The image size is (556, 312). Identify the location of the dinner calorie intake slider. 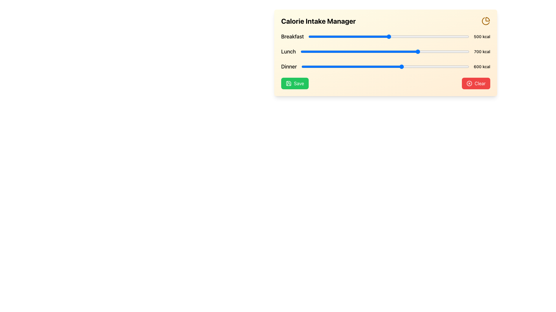
(397, 66).